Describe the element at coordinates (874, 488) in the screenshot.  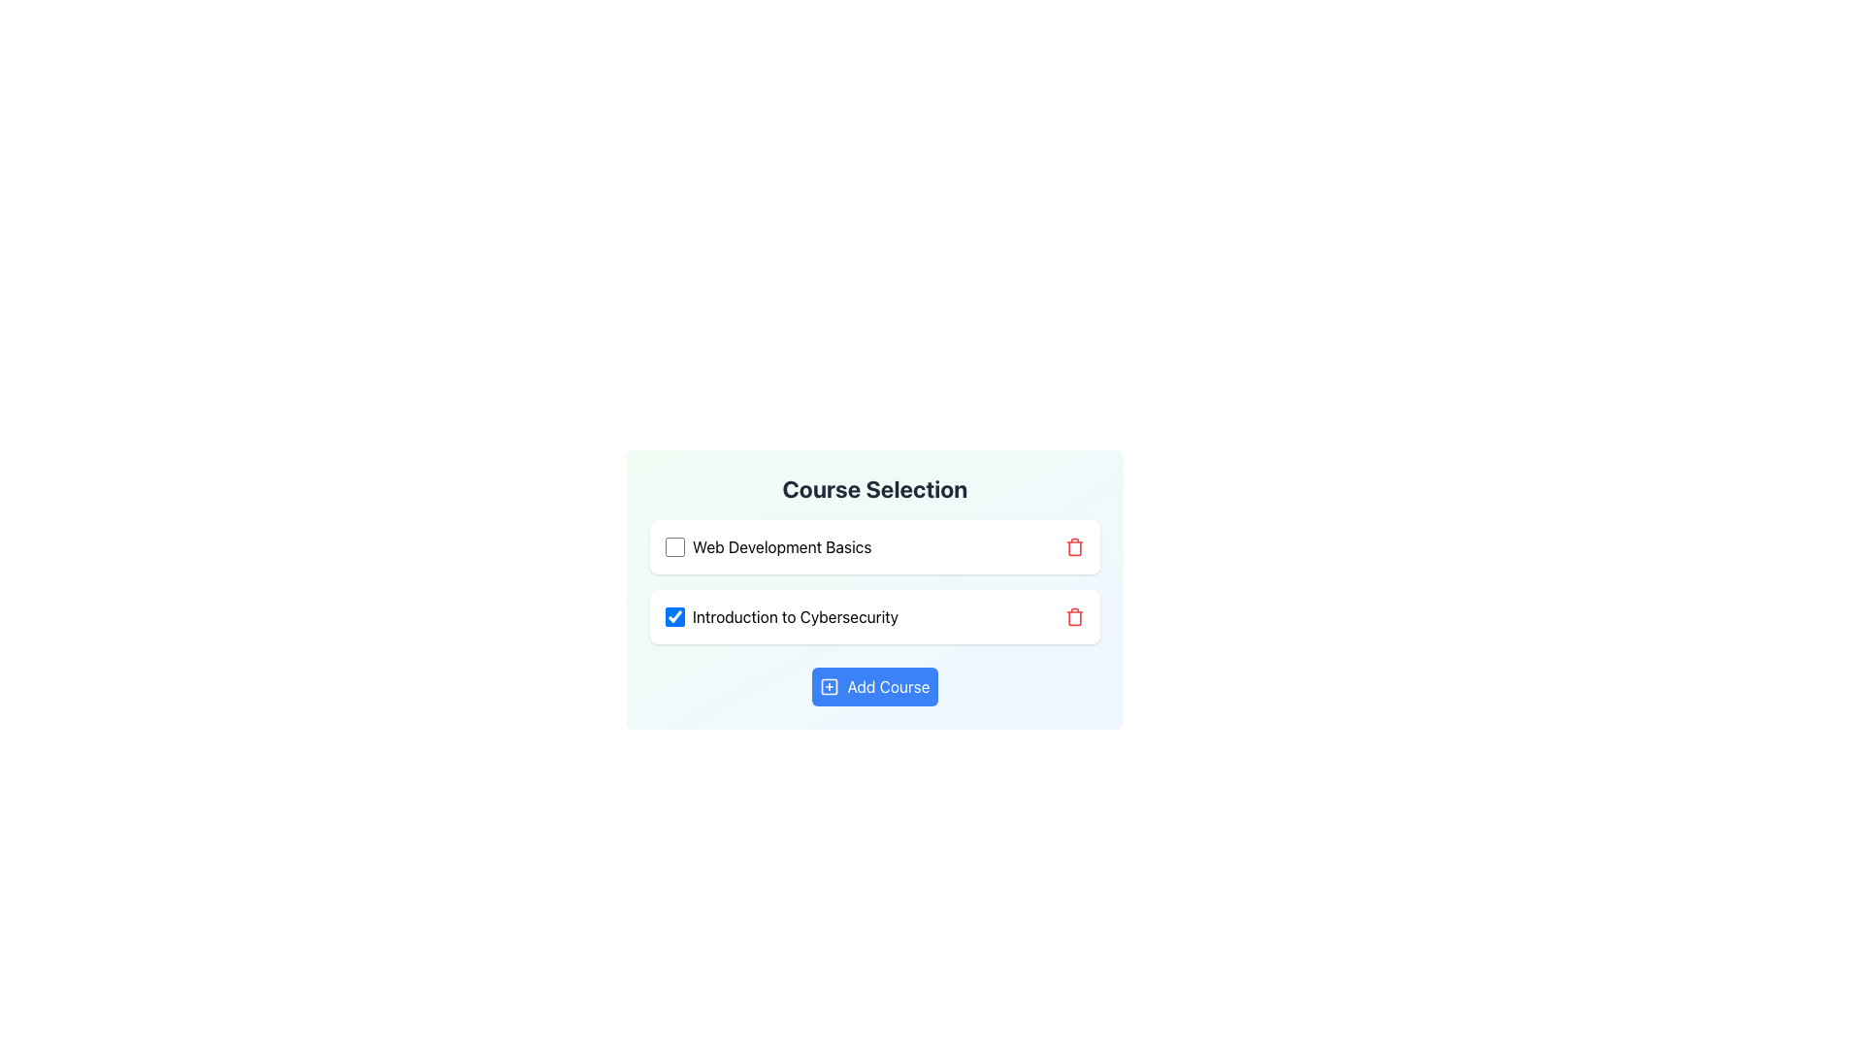
I see `the header text element that describes the purpose of selecting courses, positioned at the top of the card layout` at that location.